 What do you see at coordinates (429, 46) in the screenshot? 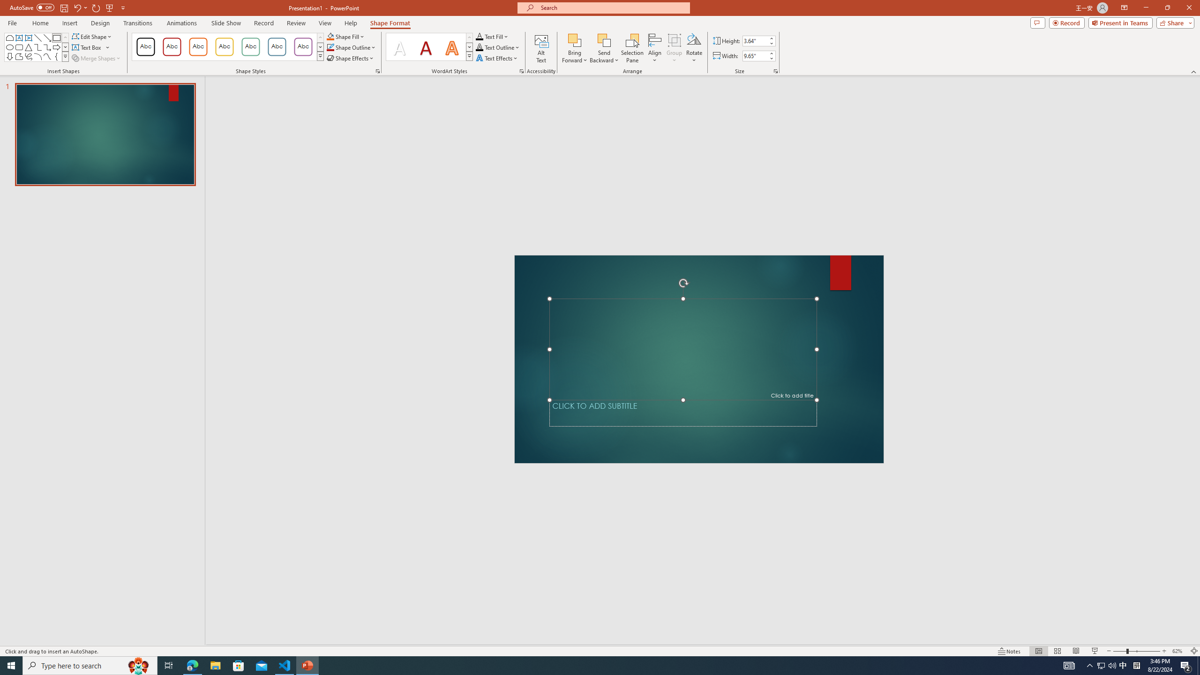
I see `'AutomationID: TextStylesGallery'` at bounding box center [429, 46].